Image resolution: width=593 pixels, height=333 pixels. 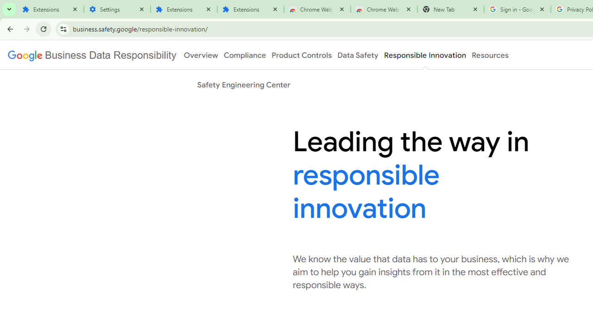 I want to click on 'Google logo', so click(x=92, y=55).